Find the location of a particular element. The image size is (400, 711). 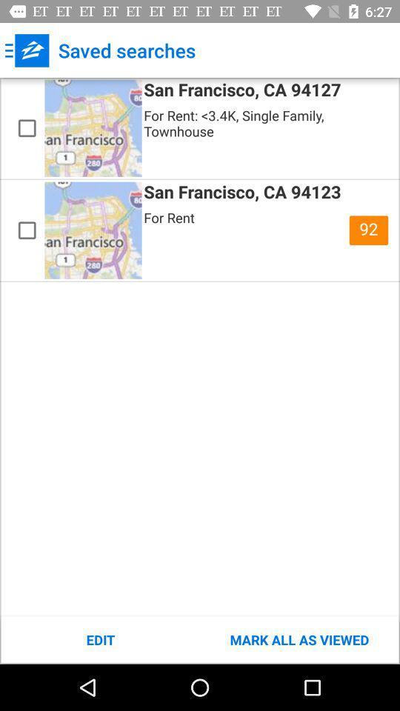

edit item is located at coordinates (100, 639).